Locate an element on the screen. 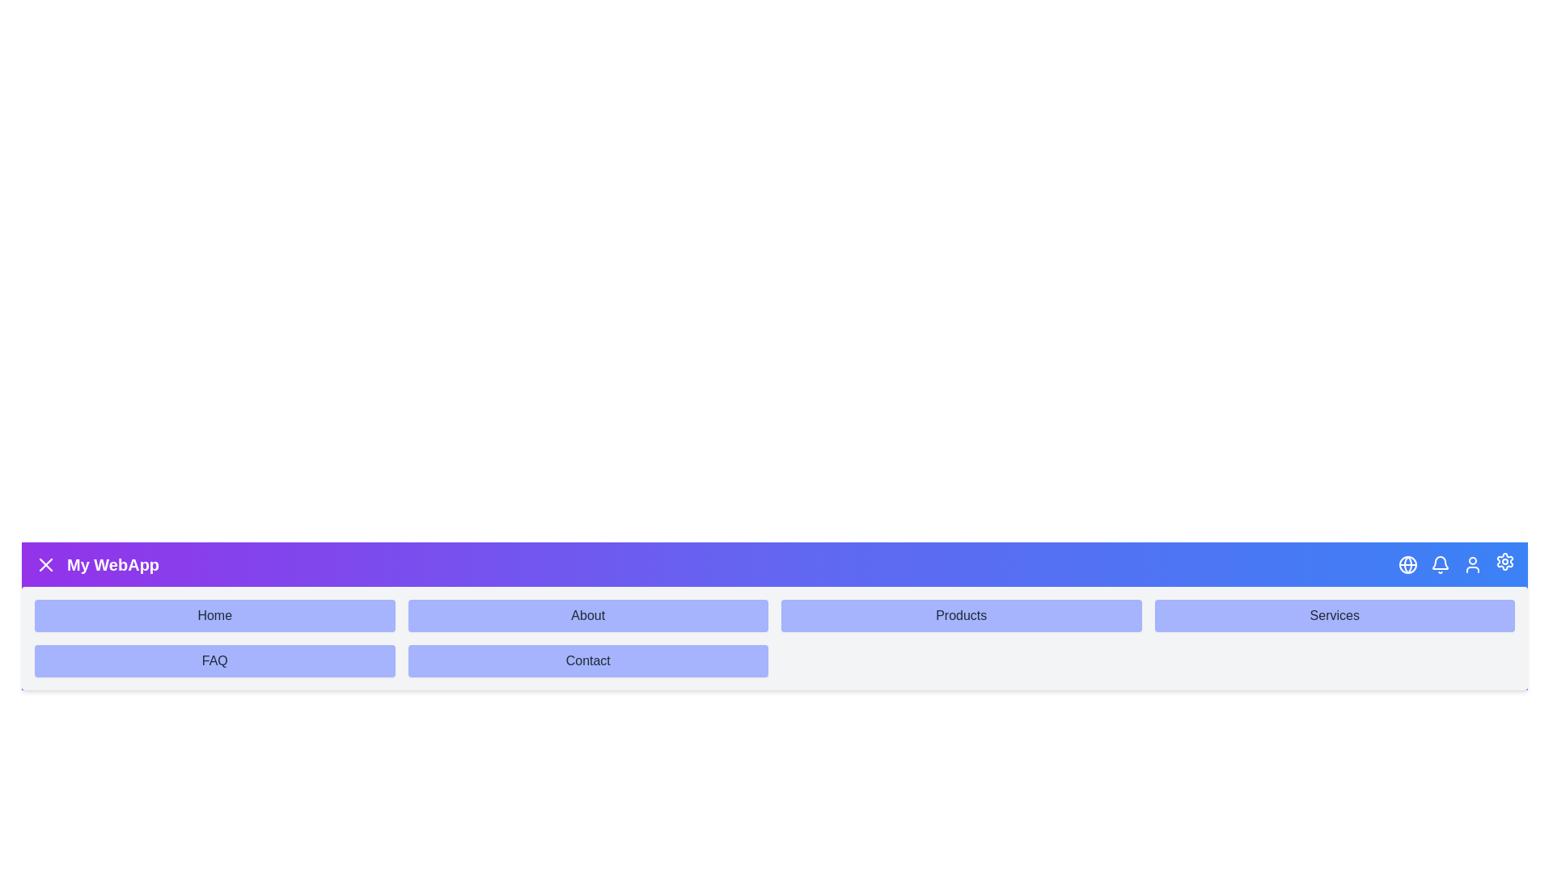  the submenu item About to navigate to its section is located at coordinates (587, 616).